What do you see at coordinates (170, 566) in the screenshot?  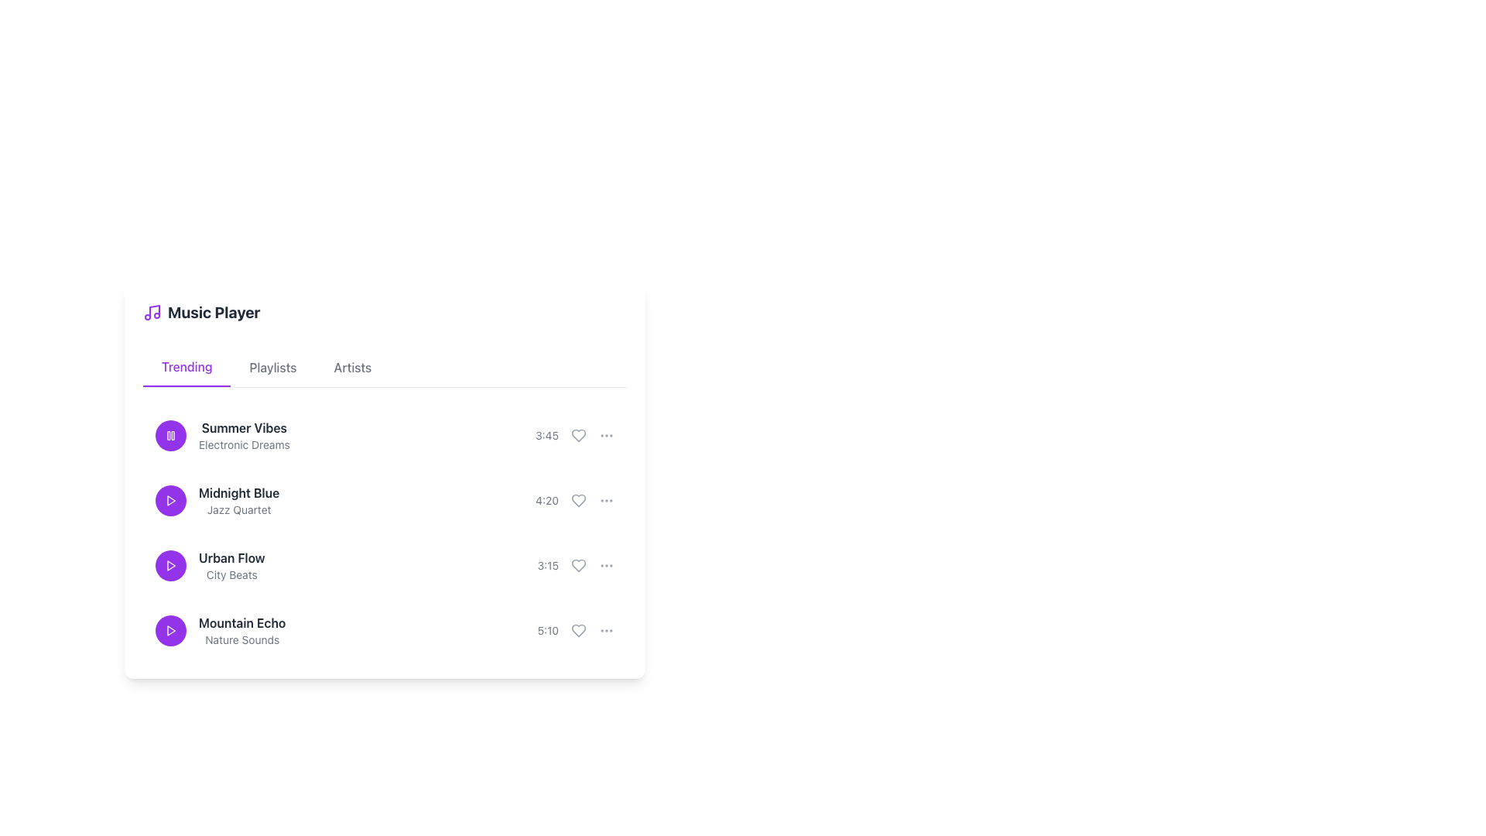 I see `the play button for the audio track 'Urban Flow - City Beats' located in the leftmost area of the list item in the music player interface` at bounding box center [170, 566].